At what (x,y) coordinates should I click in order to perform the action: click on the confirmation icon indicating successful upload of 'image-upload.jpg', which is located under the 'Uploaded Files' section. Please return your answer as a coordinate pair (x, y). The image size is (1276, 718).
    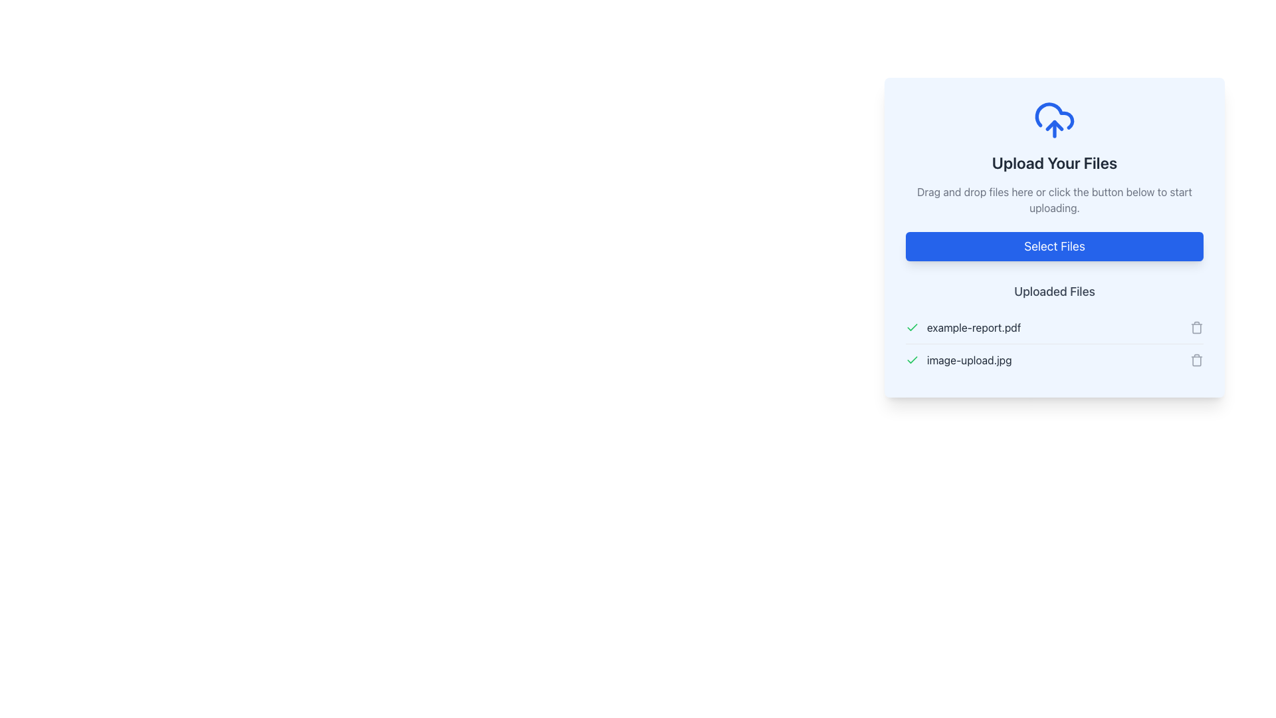
    Looking at the image, I should click on (911, 327).